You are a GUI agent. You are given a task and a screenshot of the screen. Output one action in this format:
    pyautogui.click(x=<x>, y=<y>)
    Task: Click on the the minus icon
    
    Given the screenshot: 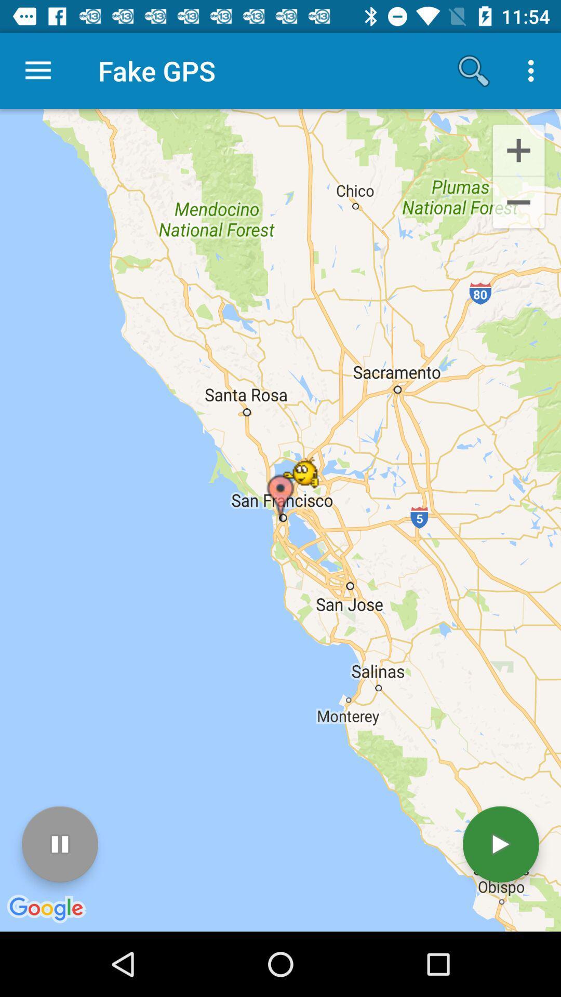 What is the action you would take?
    pyautogui.click(x=518, y=204)
    